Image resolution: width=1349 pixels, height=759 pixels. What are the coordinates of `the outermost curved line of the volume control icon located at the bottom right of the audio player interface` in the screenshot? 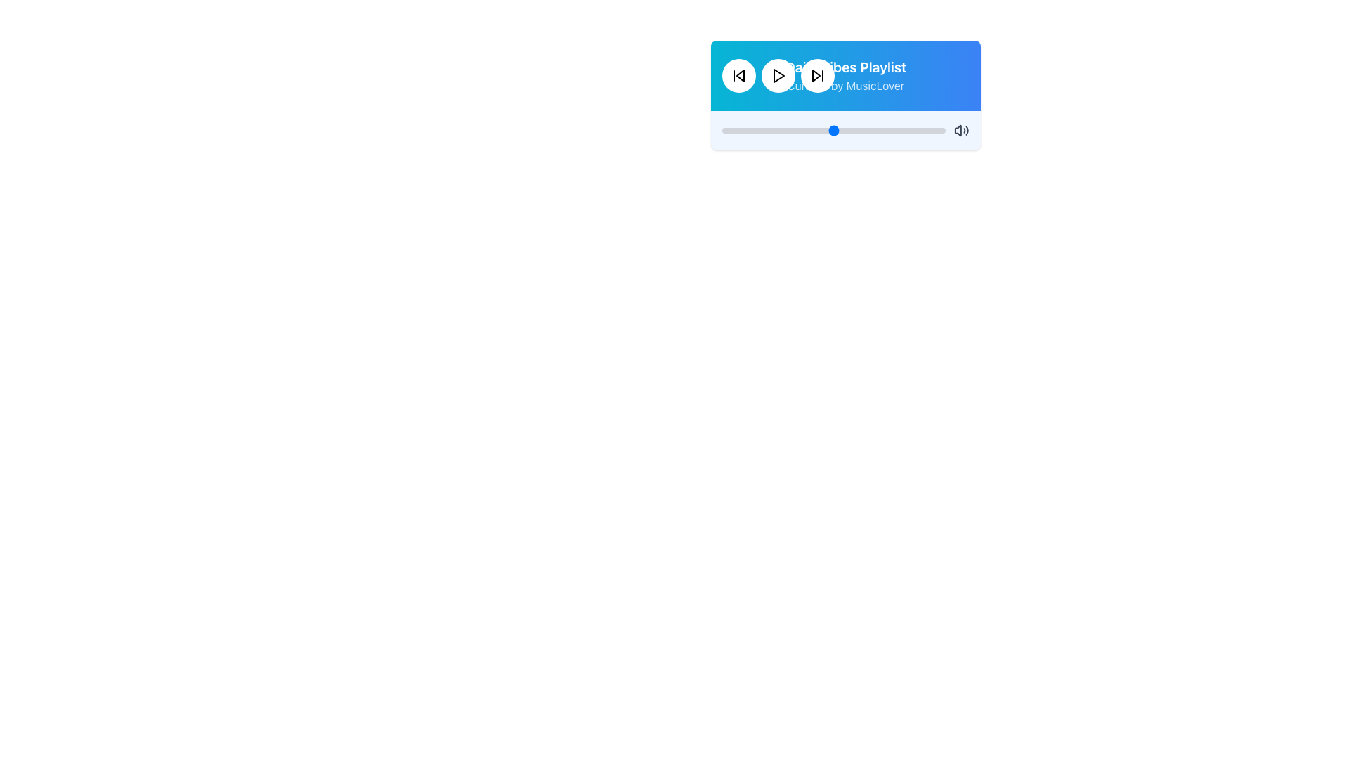 It's located at (967, 130).